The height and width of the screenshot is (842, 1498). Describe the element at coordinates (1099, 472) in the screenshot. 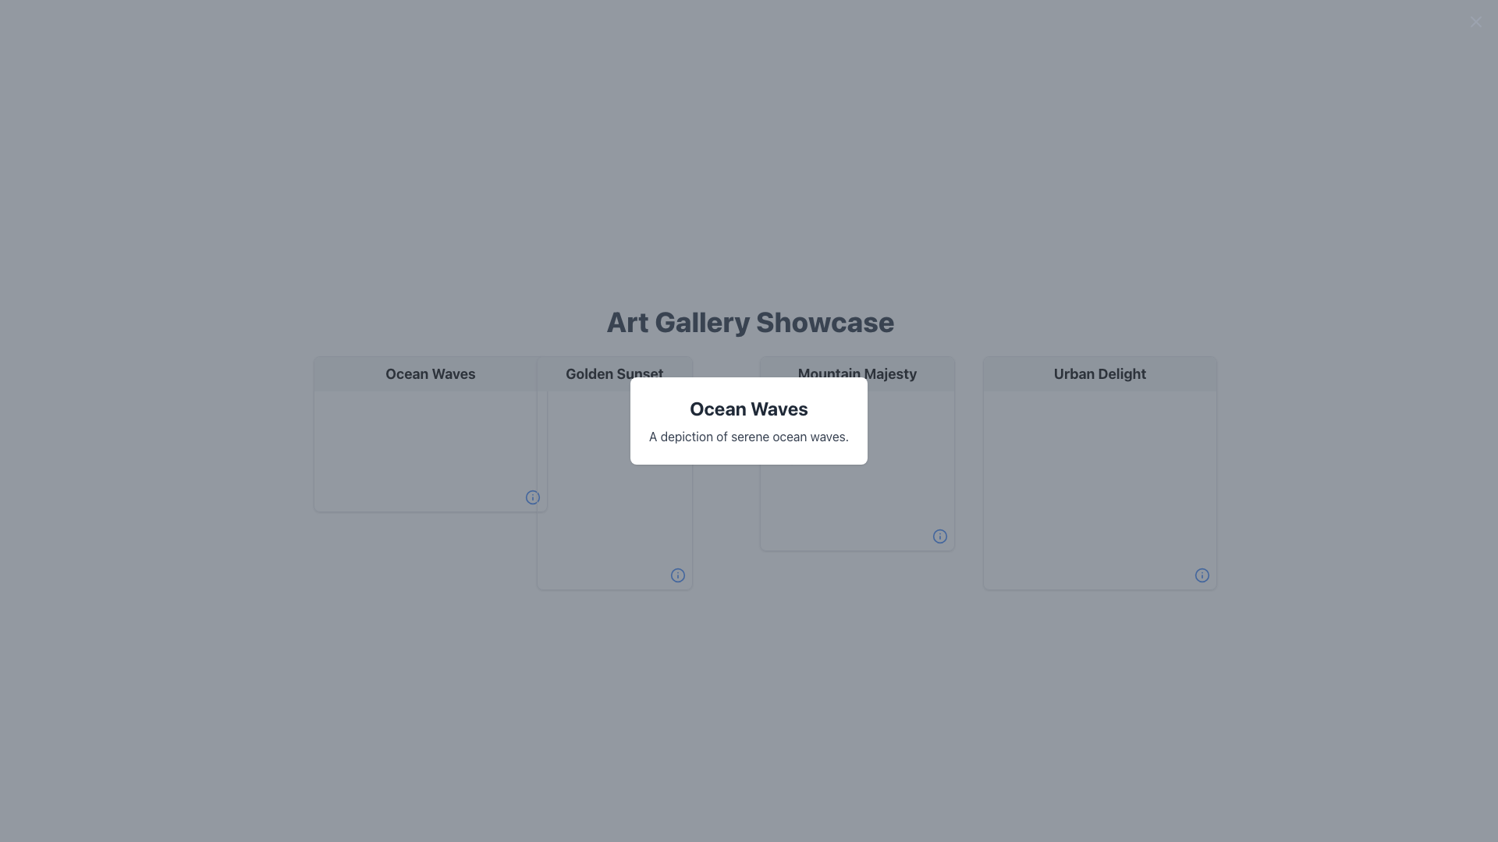

I see `the card element titled 'Urban Delight' located in the fourth position of a four-column grid layout, situated below 'Art Gallery Showcase.'` at that location.